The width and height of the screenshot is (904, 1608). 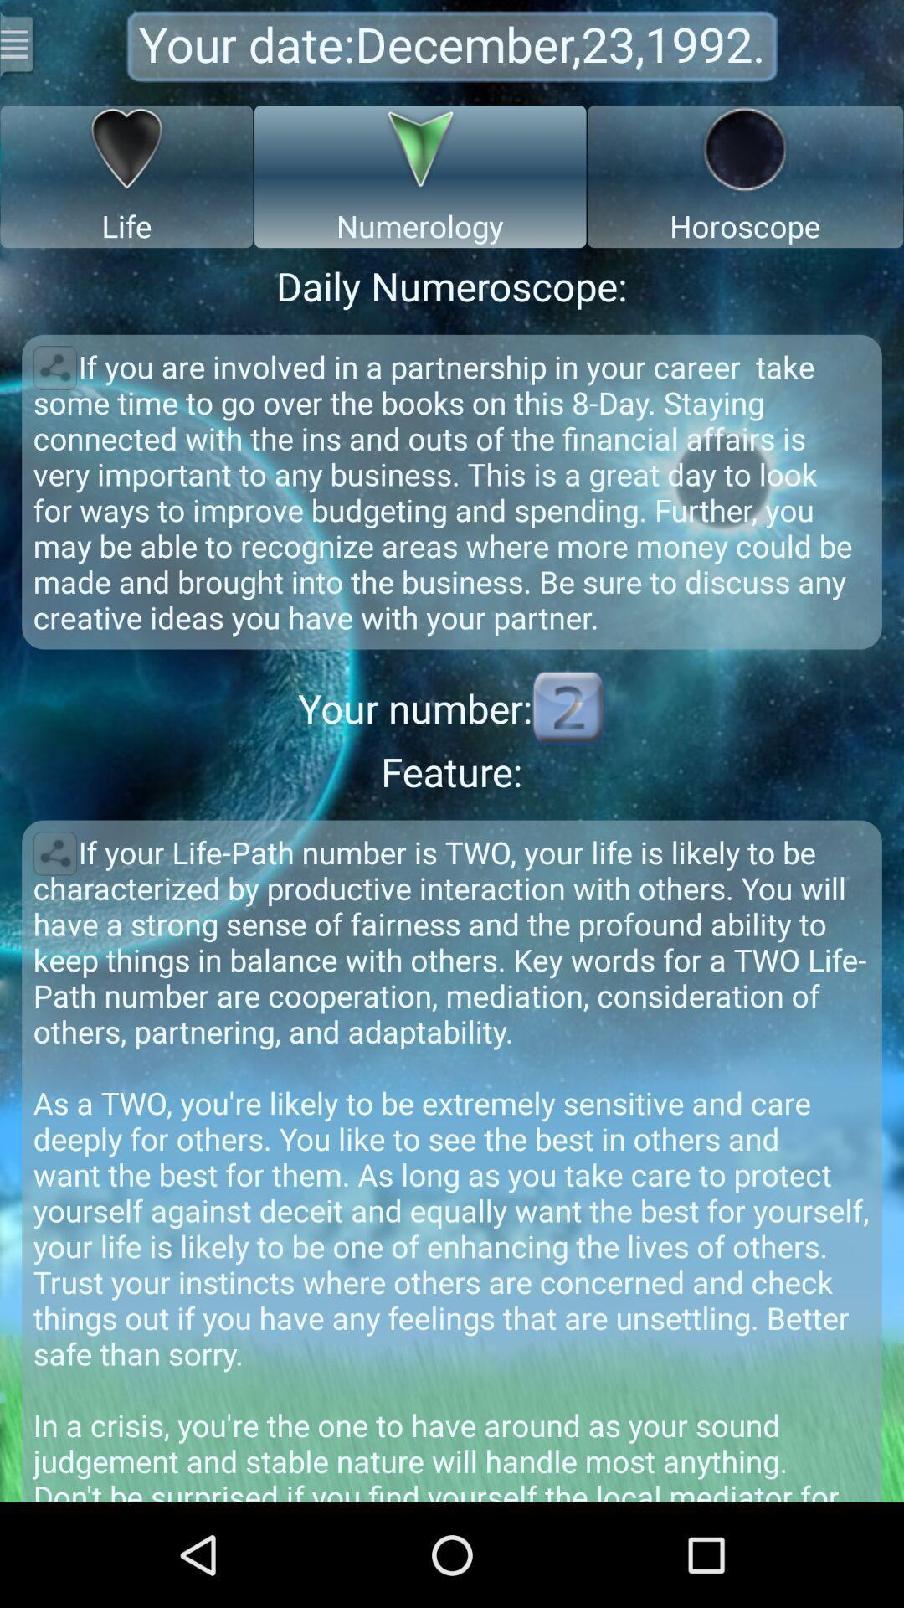 I want to click on share numeroscope, so click(x=54, y=367).